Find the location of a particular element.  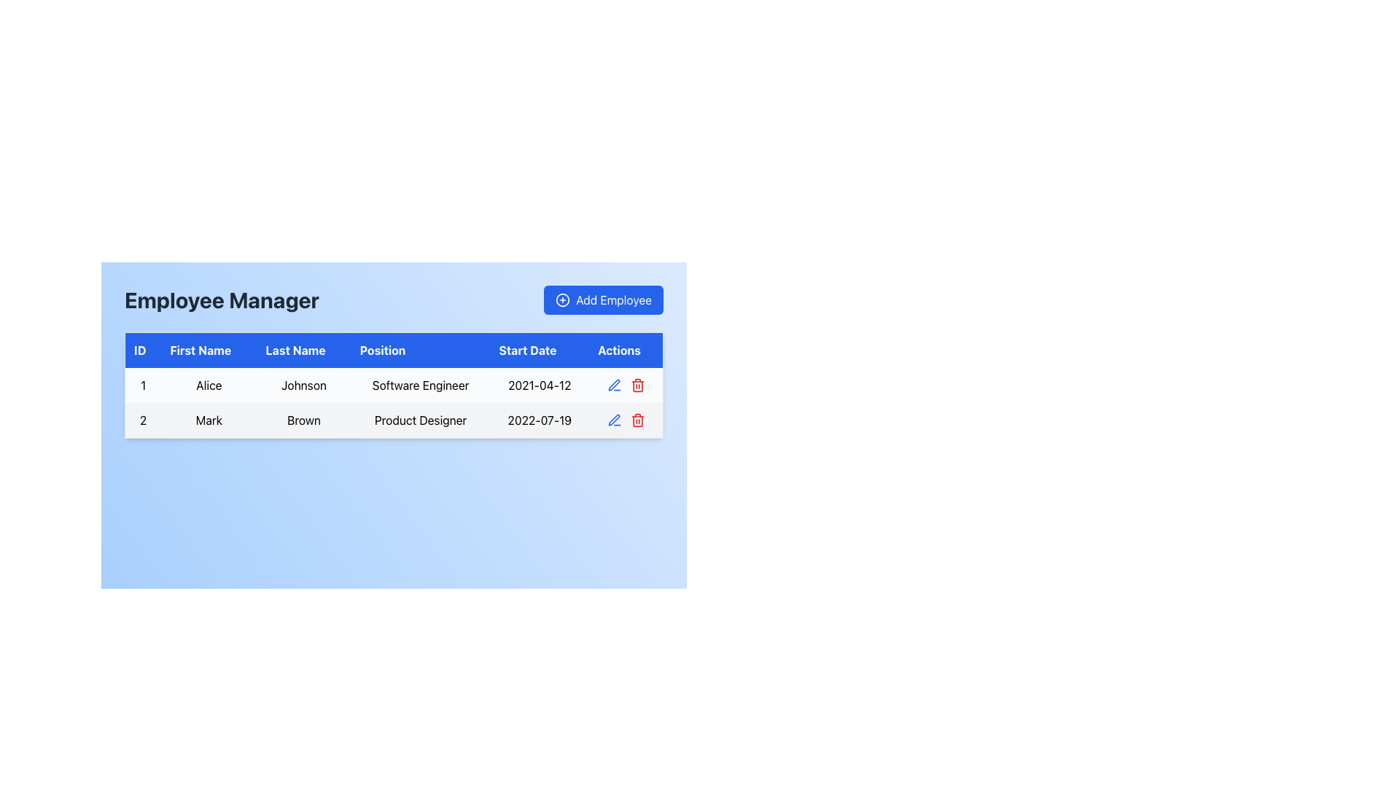

text from the Table Cell displaying 'Mark' located in the second row under the 'First Name' column is located at coordinates (208, 420).